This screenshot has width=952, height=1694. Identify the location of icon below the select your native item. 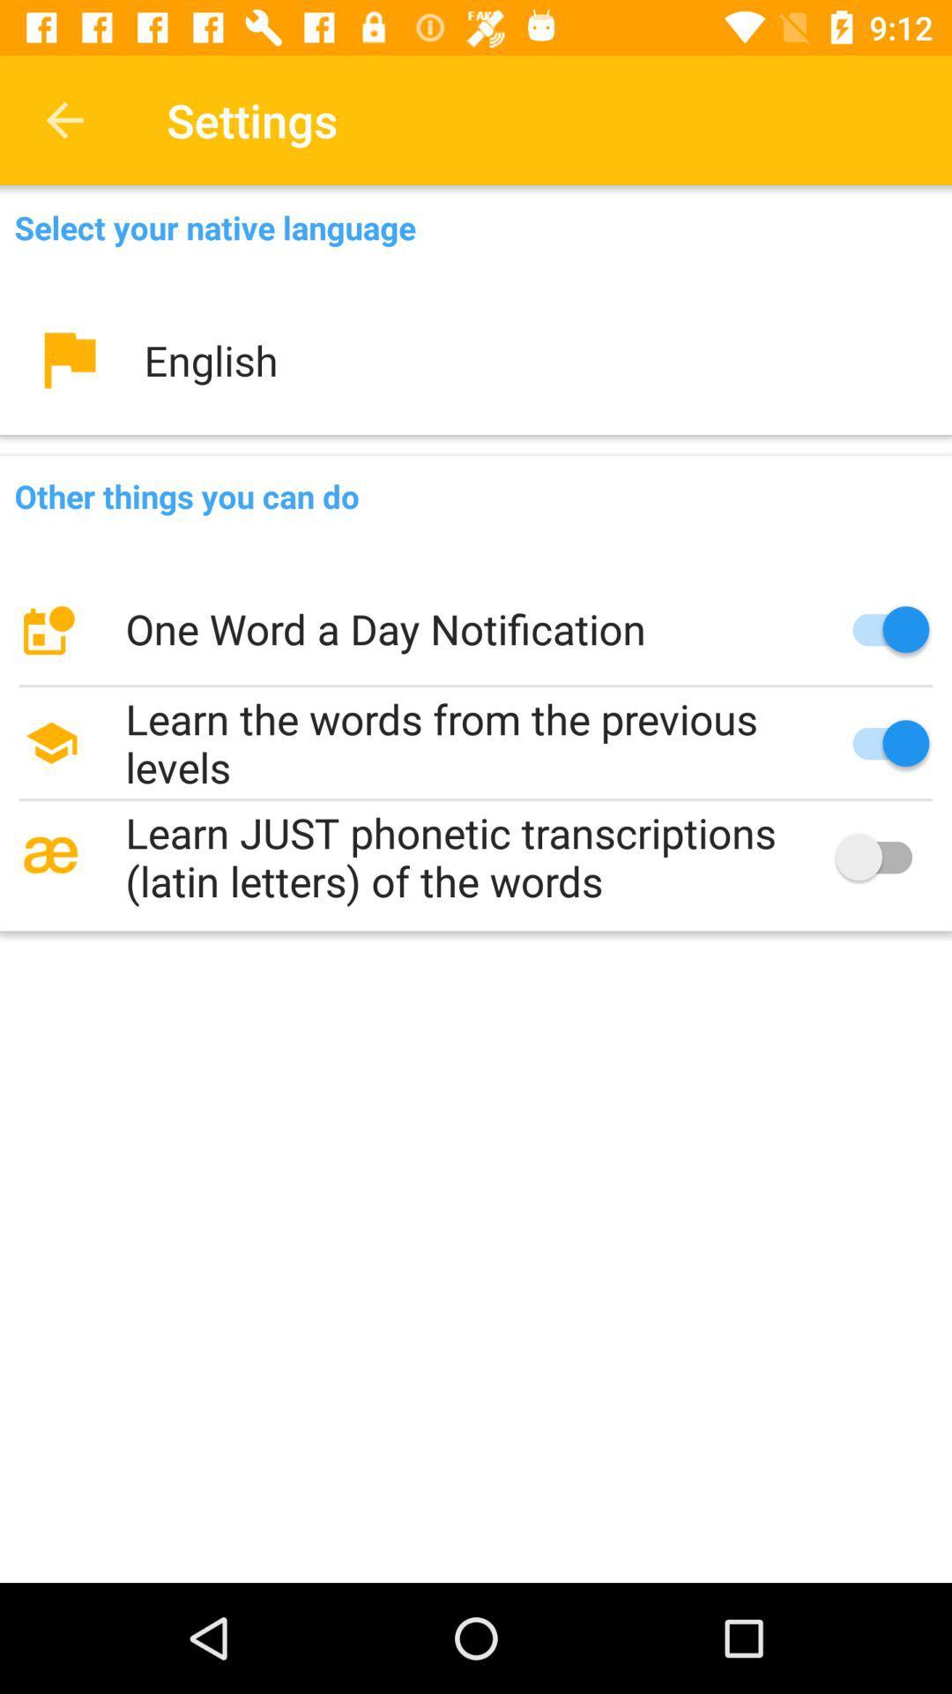
(476, 359).